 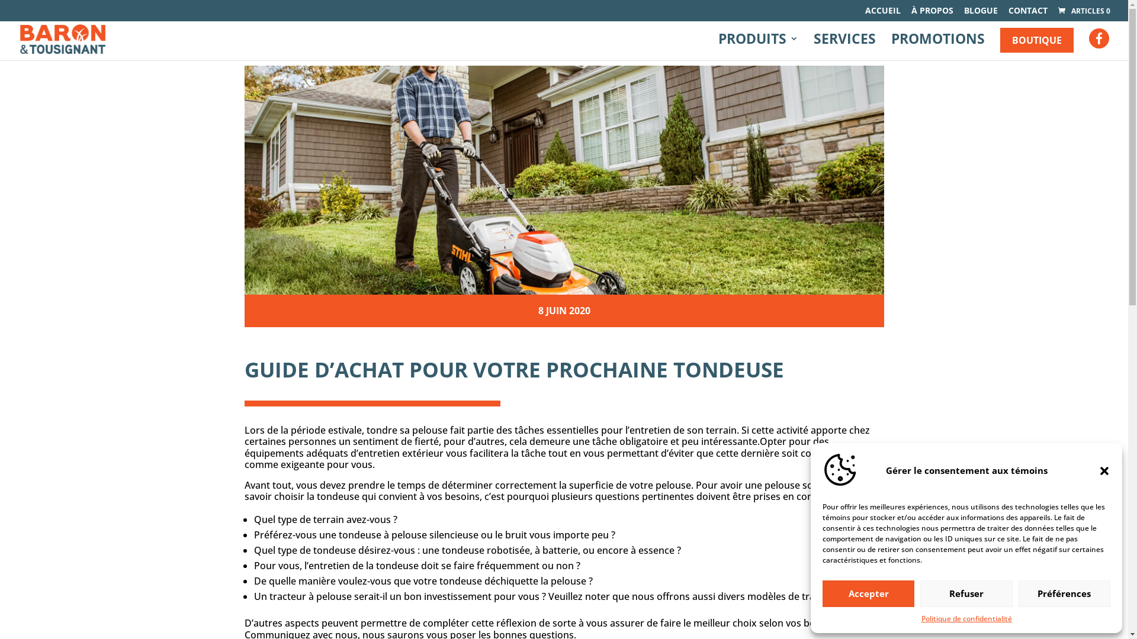 I want to click on 'ARTICLES 0', so click(x=1083, y=11).